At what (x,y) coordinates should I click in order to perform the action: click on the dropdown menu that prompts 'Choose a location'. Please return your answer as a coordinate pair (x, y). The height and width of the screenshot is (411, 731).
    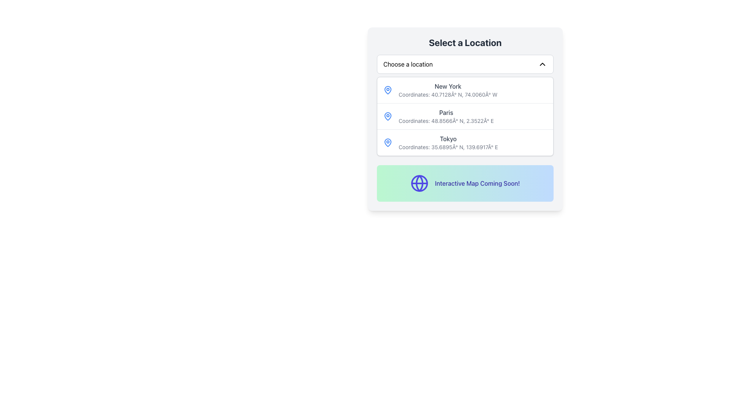
    Looking at the image, I should click on (465, 64).